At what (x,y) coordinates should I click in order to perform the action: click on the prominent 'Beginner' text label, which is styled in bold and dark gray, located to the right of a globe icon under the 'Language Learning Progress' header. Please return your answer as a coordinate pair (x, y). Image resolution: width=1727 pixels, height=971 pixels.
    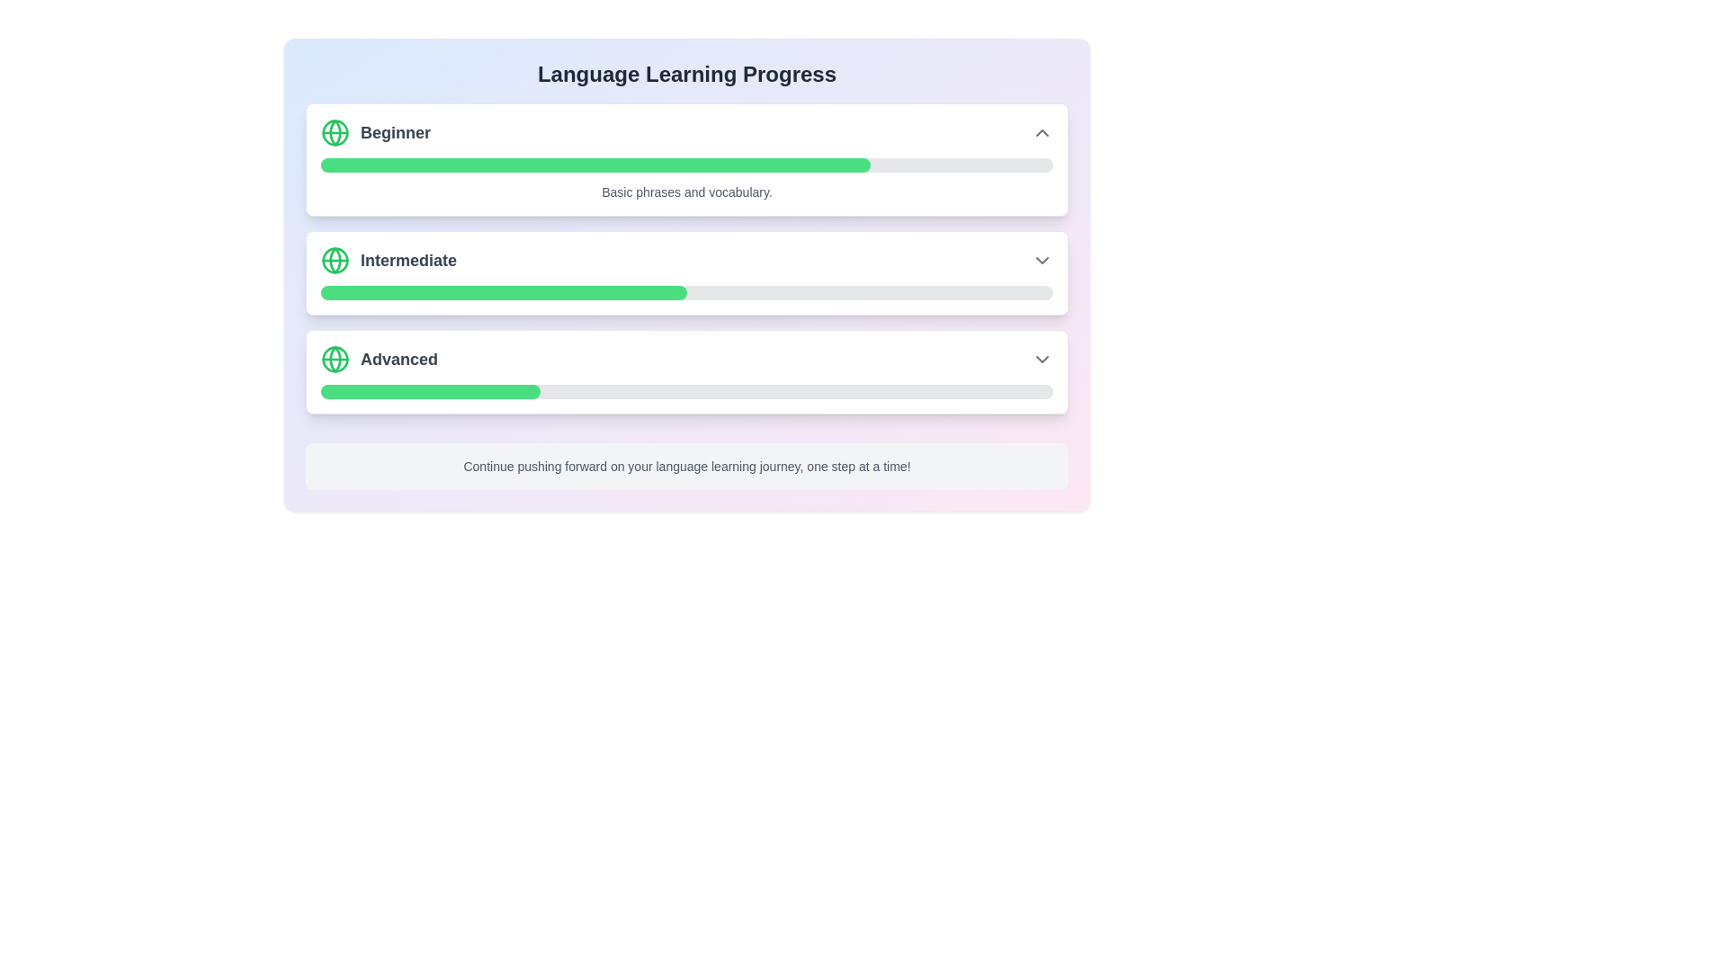
    Looking at the image, I should click on (395, 131).